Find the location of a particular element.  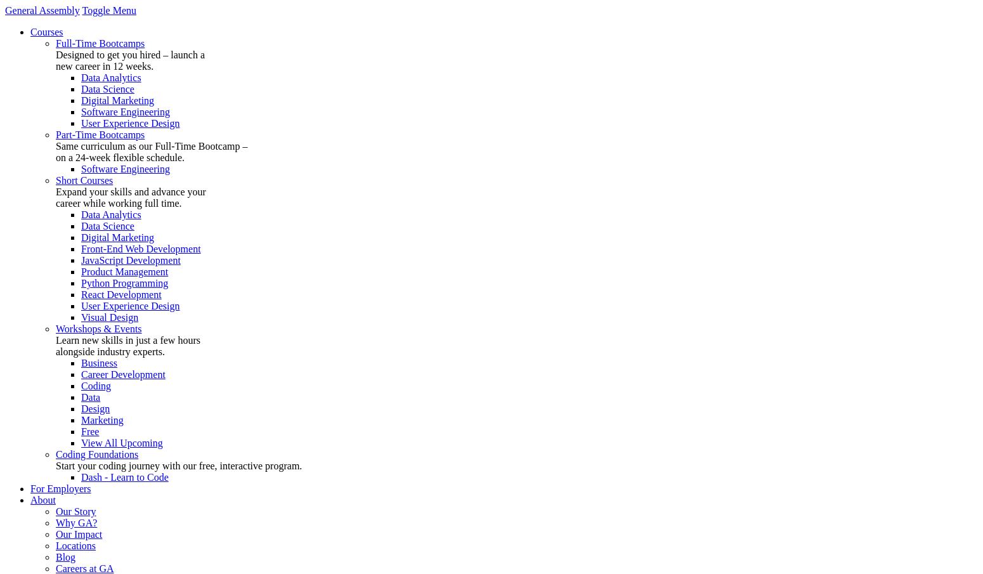

'Expand your skills and advance your' is located at coordinates (56, 191).